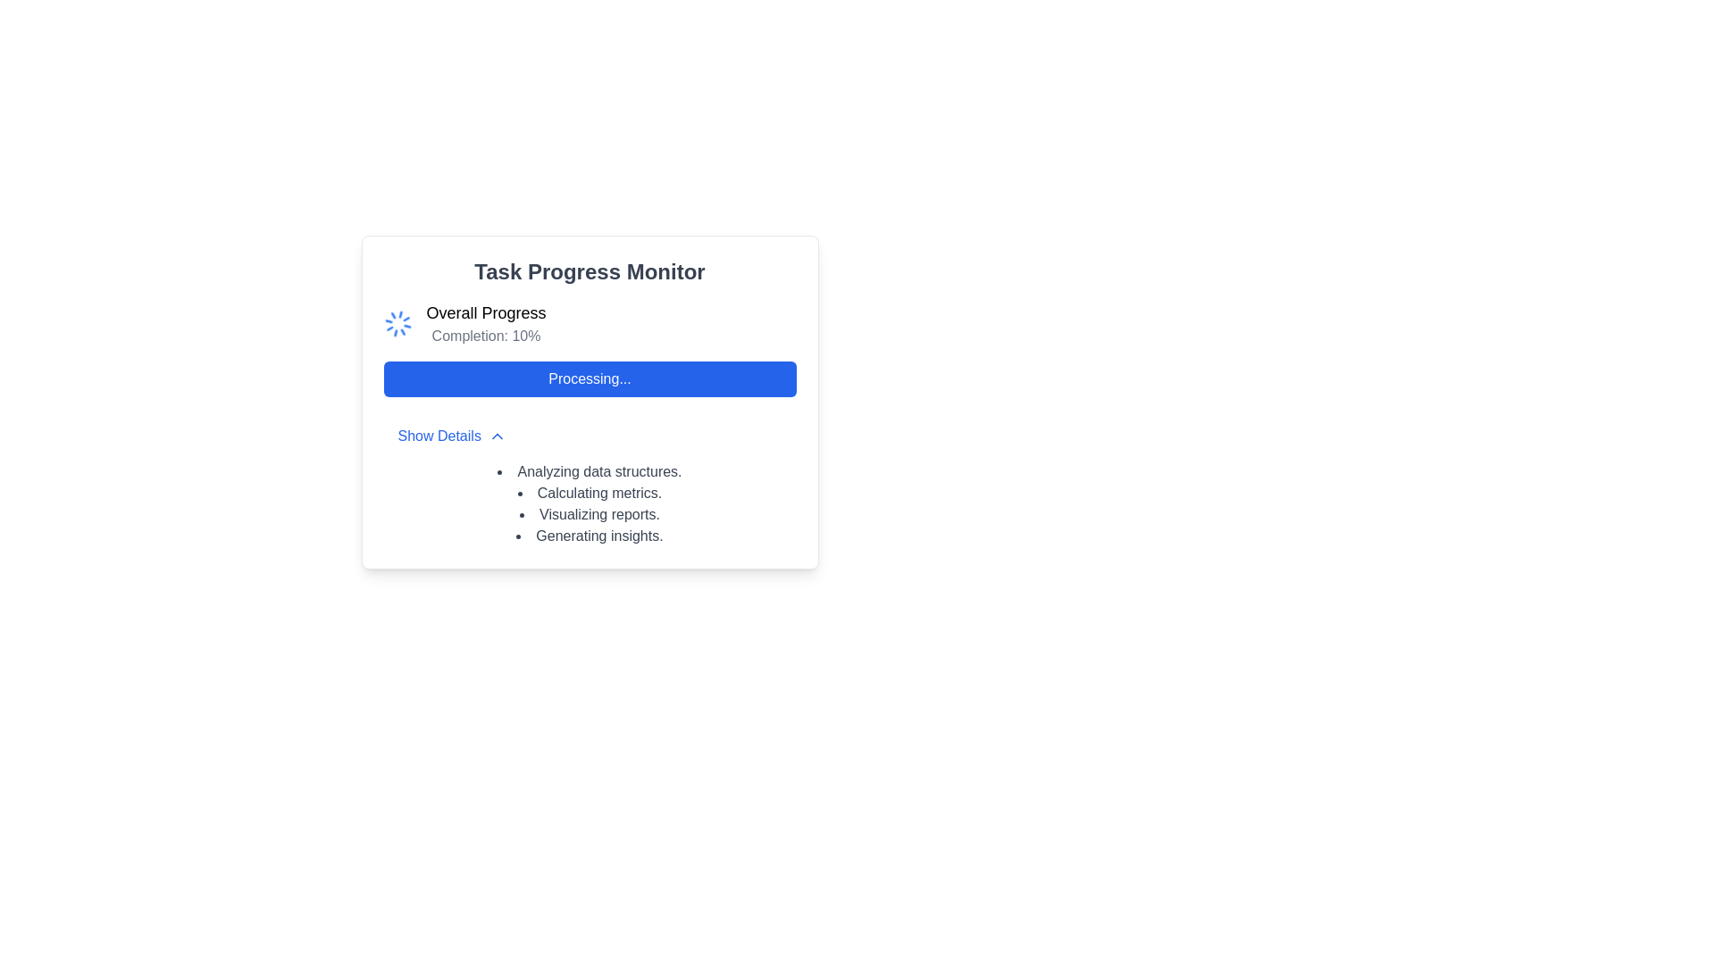 Image resolution: width=1715 pixels, height=964 pixels. Describe the element at coordinates (486, 312) in the screenshot. I see `text content of the 'Overall Progress' label, which is a larger, bold text element located at the top-left section of its containing card` at that location.